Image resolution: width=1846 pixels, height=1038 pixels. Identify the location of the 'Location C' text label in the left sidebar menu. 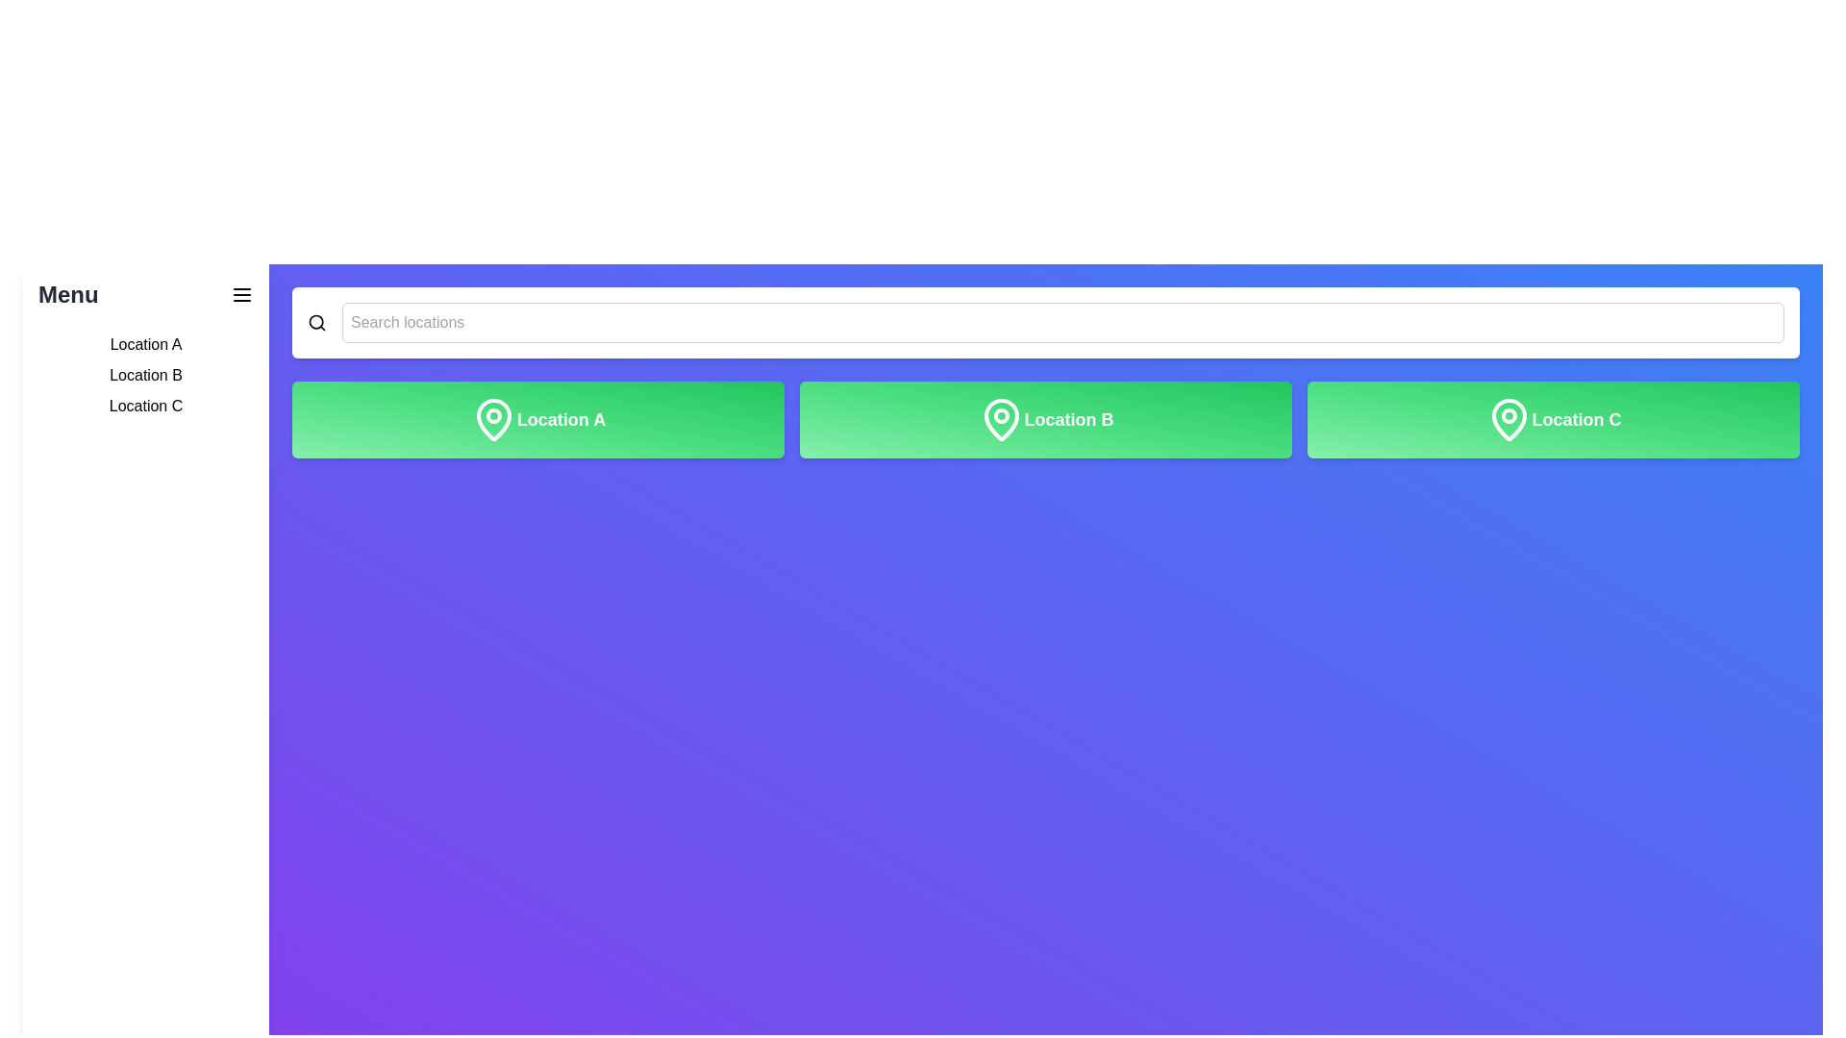
(145, 406).